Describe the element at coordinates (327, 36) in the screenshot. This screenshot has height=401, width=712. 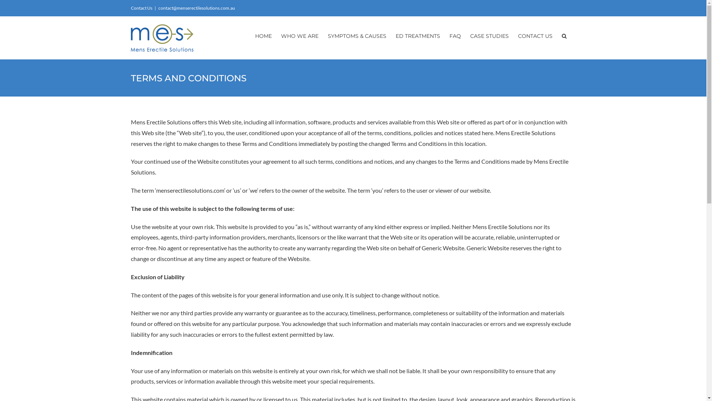
I see `'SYMPTOMS & CAUSES'` at that location.